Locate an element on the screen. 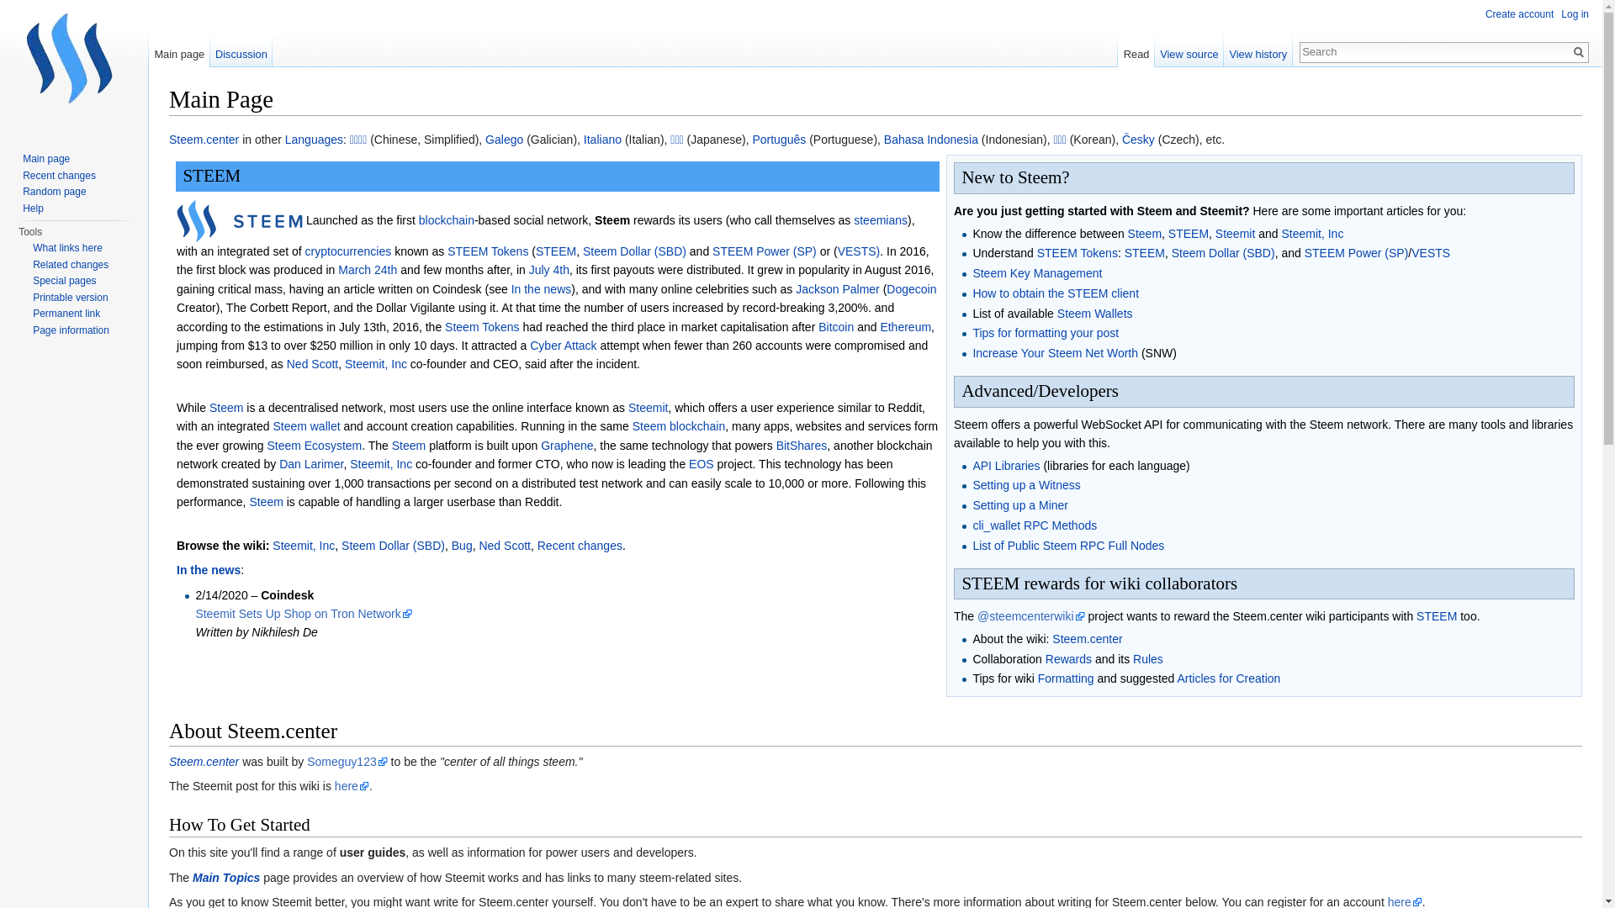 Image resolution: width=1615 pixels, height=908 pixels. 'Discussion' is located at coordinates (241, 50).